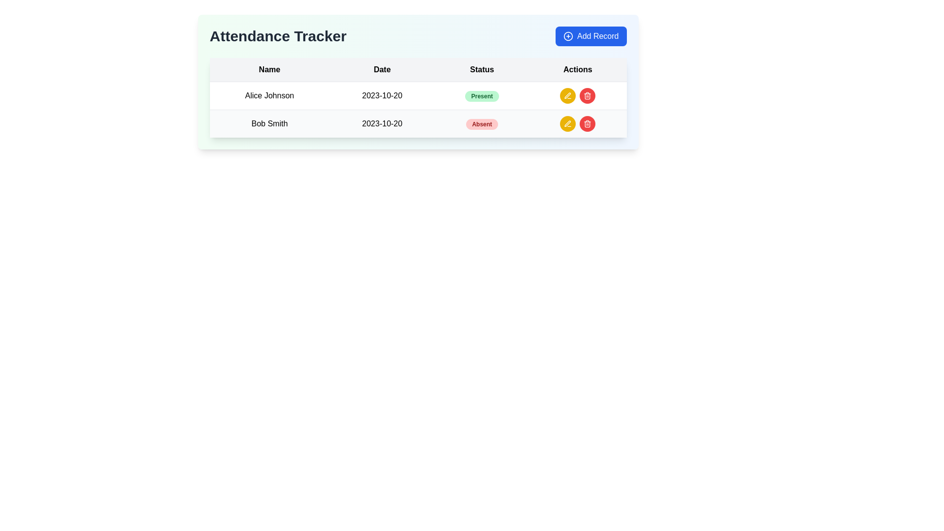 The width and height of the screenshot is (944, 531). I want to click on the pen icon button located in the 'Actions' column for the 'Bob Smith' entry, which is recognized by its yellow circular background and modern flat design, positioned to the left of the red trash can icon, so click(568, 123).